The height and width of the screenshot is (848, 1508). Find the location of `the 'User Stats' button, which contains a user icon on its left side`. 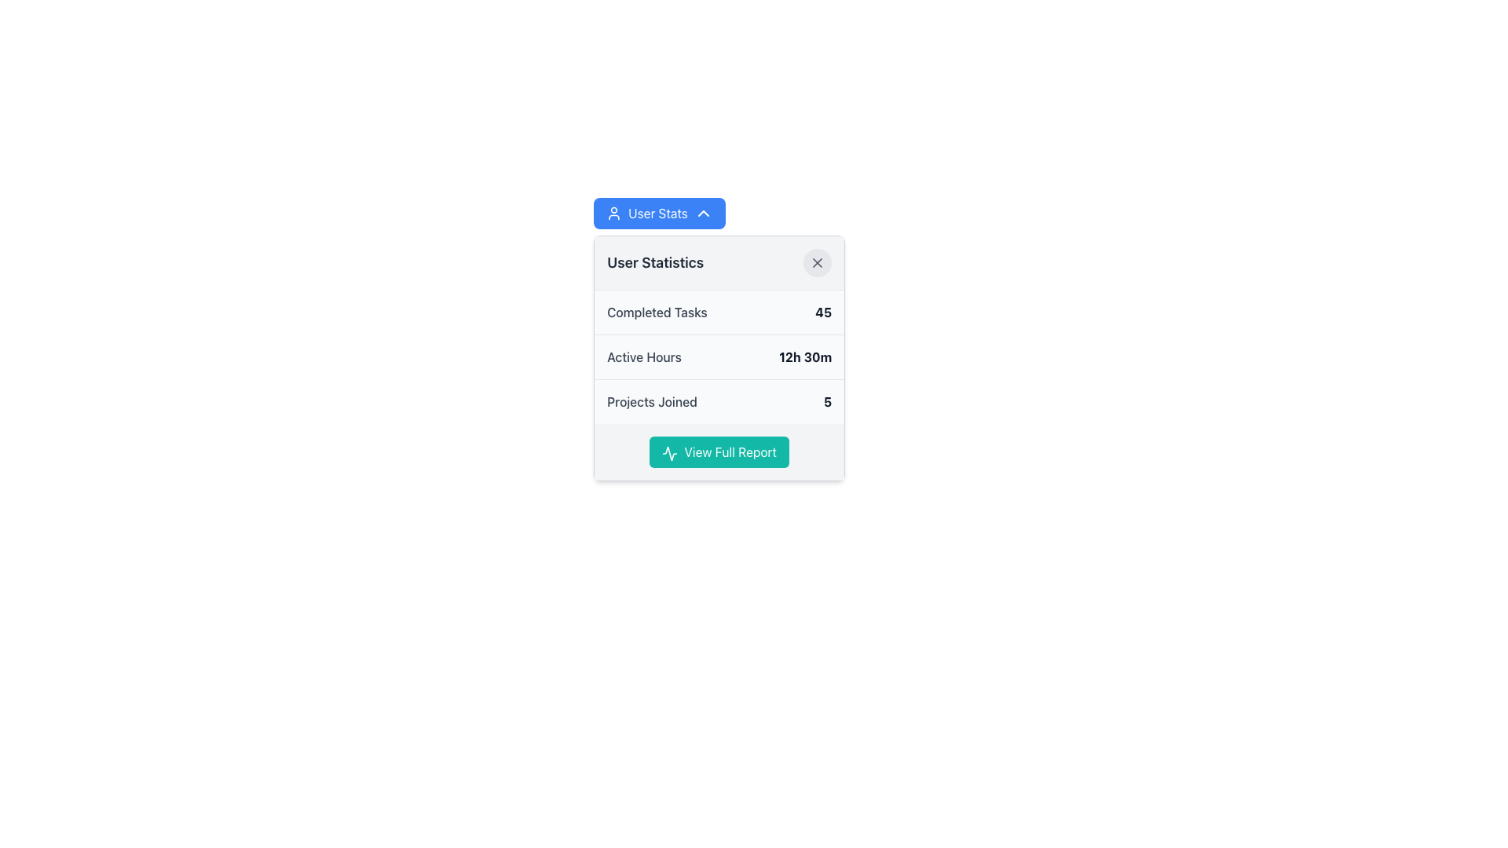

the 'User Stats' button, which contains a user icon on its left side is located at coordinates (613, 214).